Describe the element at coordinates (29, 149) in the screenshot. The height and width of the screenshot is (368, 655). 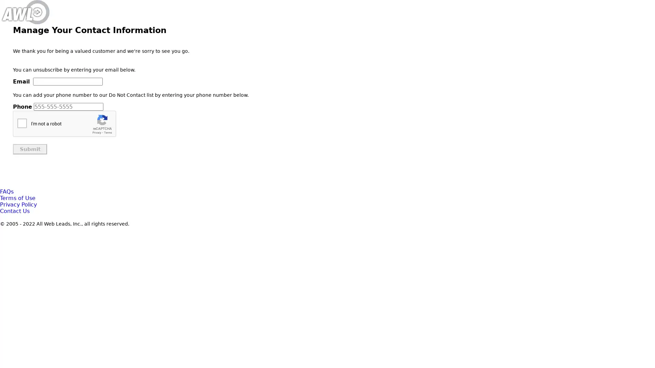
I see `Submit` at that location.